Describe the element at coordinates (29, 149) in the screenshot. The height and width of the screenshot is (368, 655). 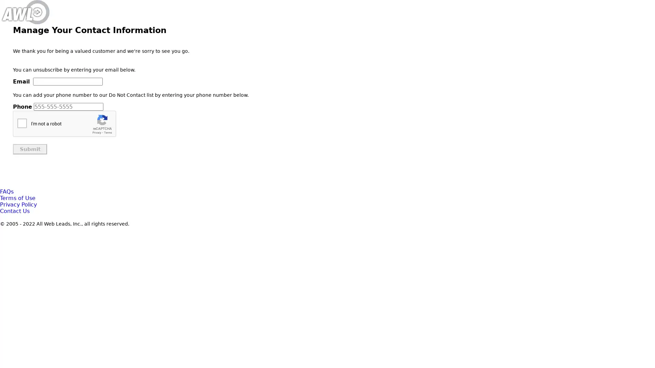
I see `Submit` at that location.